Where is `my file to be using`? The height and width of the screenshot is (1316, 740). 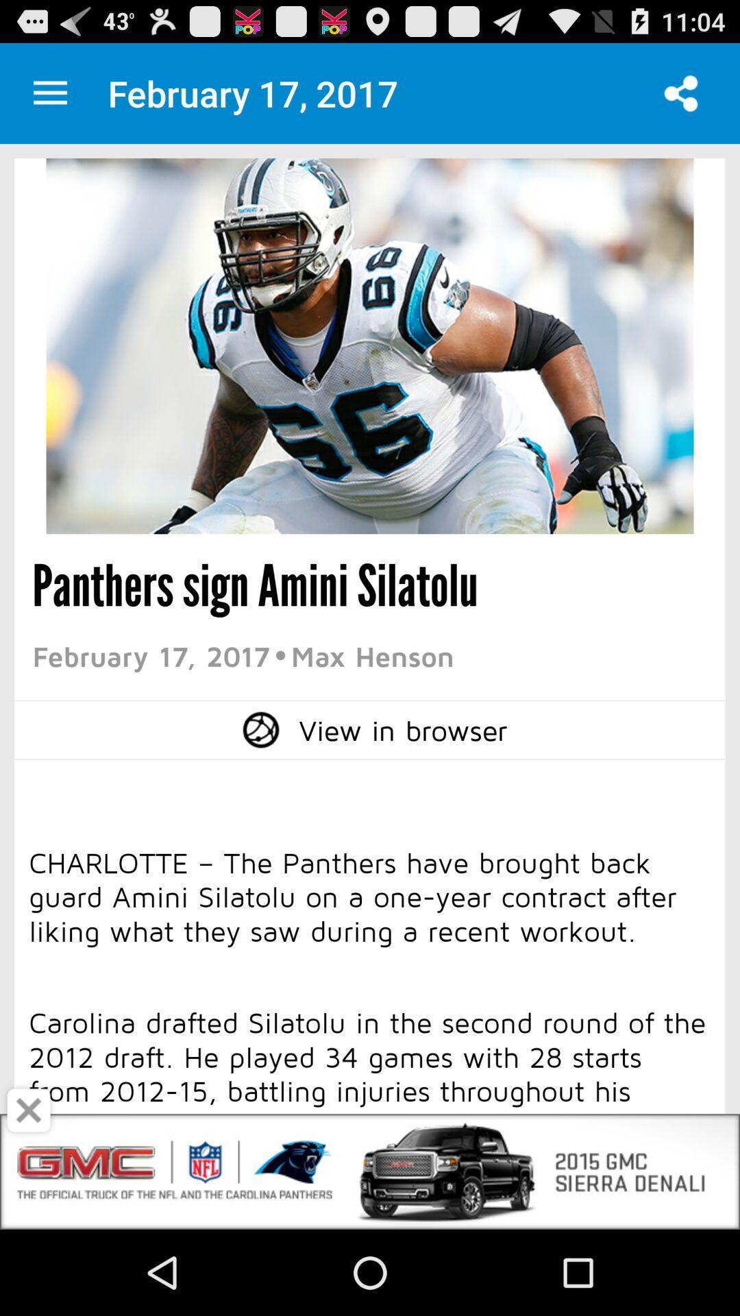 my file to be using is located at coordinates (49, 93).